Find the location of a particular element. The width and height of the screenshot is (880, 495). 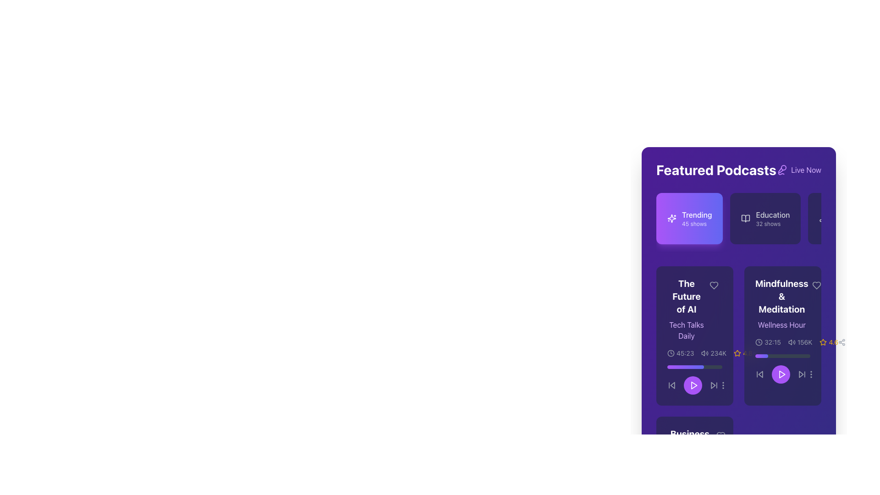

text label displaying 'Trending' in bold white font against a purple background, located in the top-left quadrant of the 'Featured Podcasts' section is located at coordinates (697, 215).